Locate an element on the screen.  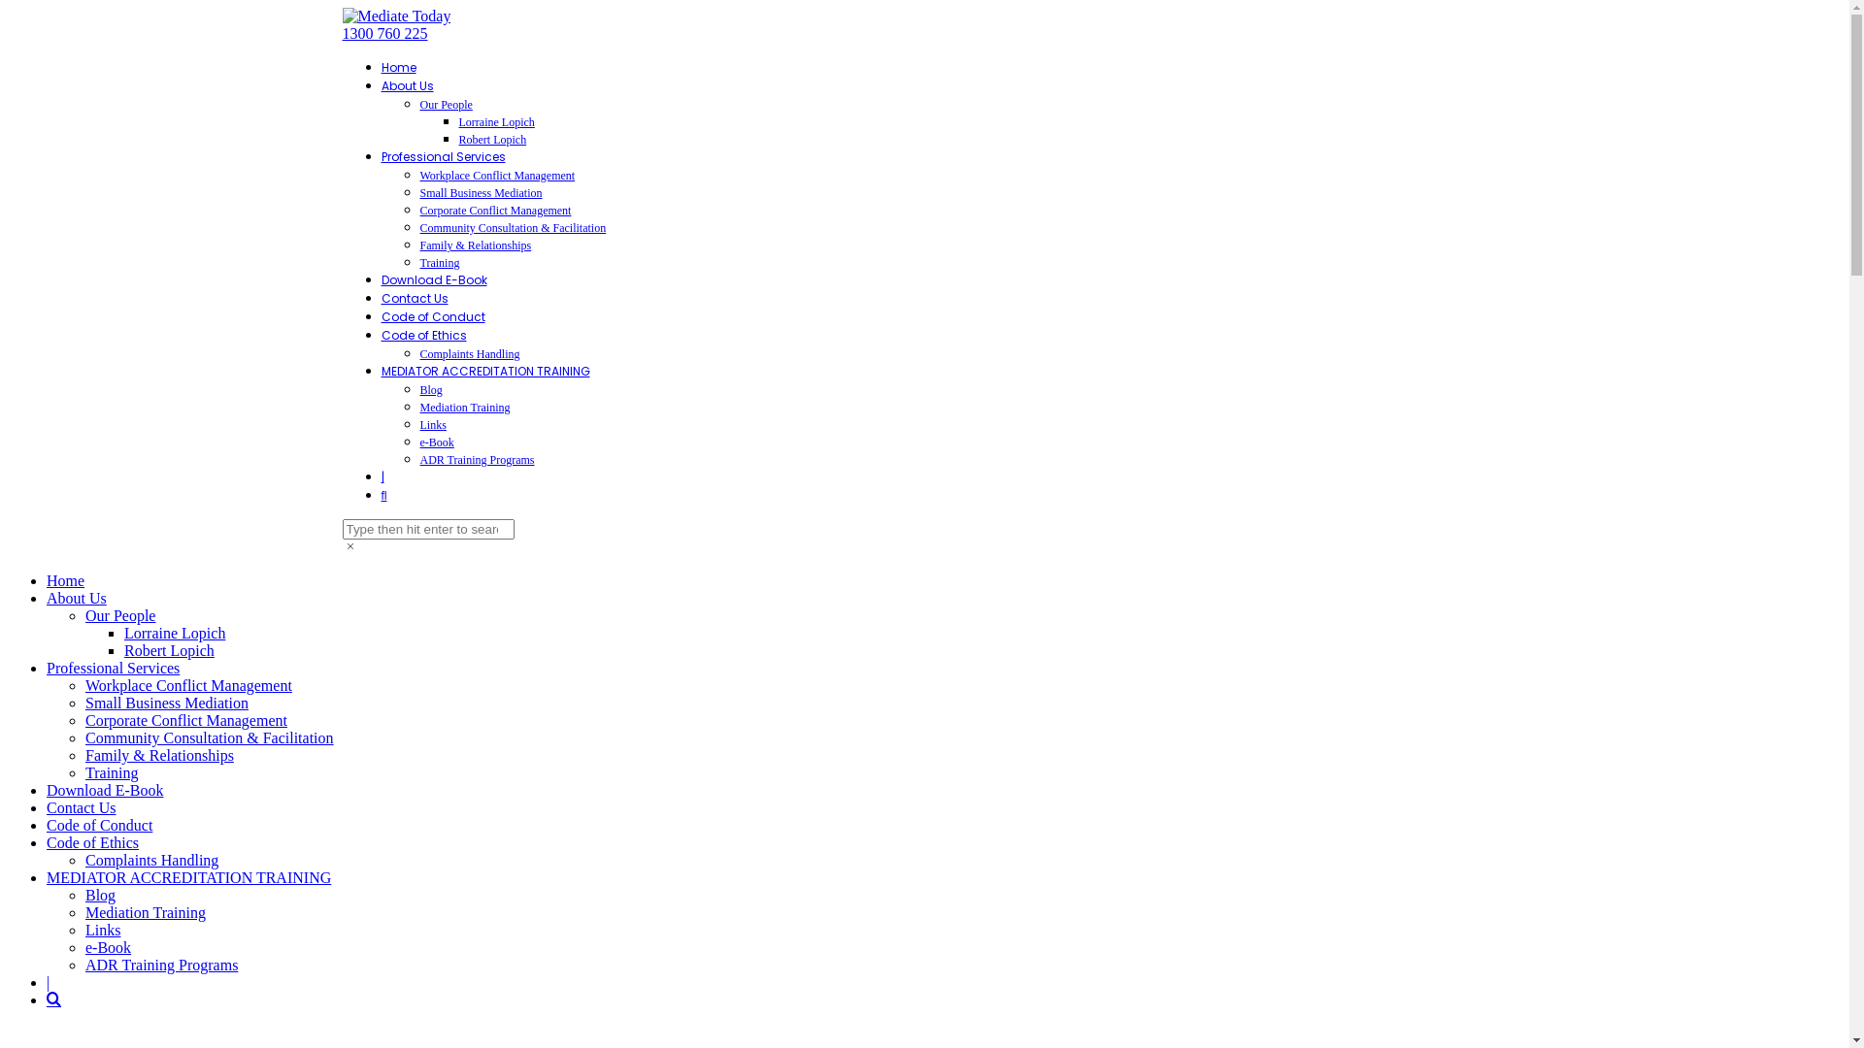
'Code of Conduct' is located at coordinates (98, 825).